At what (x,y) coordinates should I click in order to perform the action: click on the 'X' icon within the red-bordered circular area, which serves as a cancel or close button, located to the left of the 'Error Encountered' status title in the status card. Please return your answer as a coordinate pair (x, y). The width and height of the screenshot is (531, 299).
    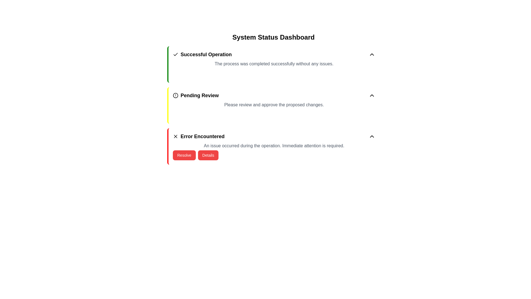
    Looking at the image, I should click on (175, 136).